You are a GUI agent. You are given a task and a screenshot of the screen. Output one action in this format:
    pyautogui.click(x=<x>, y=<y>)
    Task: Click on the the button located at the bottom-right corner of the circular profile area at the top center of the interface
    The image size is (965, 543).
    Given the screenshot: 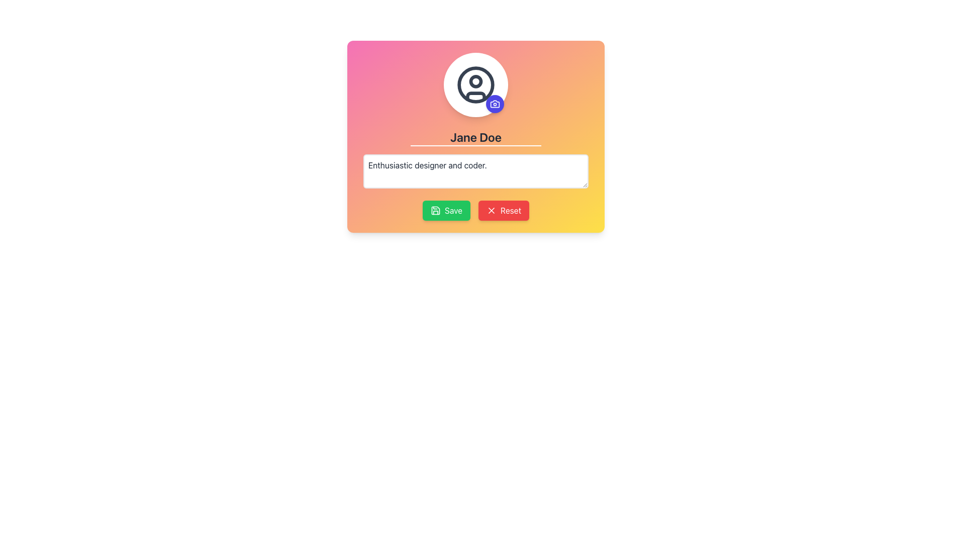 What is the action you would take?
    pyautogui.click(x=495, y=104)
    